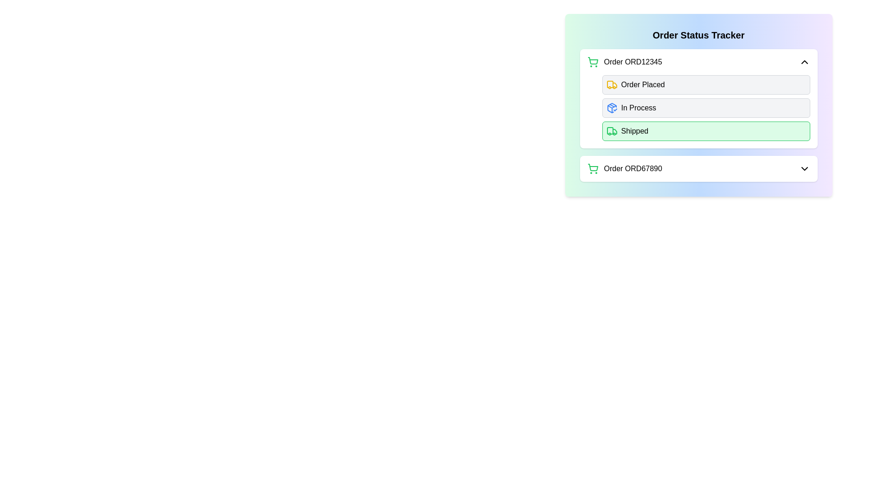 Image resolution: width=891 pixels, height=501 pixels. What do you see at coordinates (612, 107) in the screenshot?
I see `the status of a specific milestone by selecting the milestone In Process` at bounding box center [612, 107].